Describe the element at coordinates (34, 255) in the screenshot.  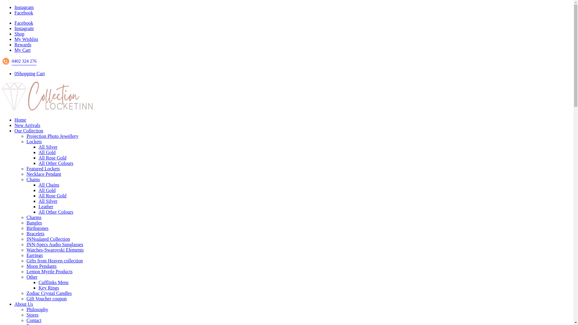
I see `'Earrings'` at that location.